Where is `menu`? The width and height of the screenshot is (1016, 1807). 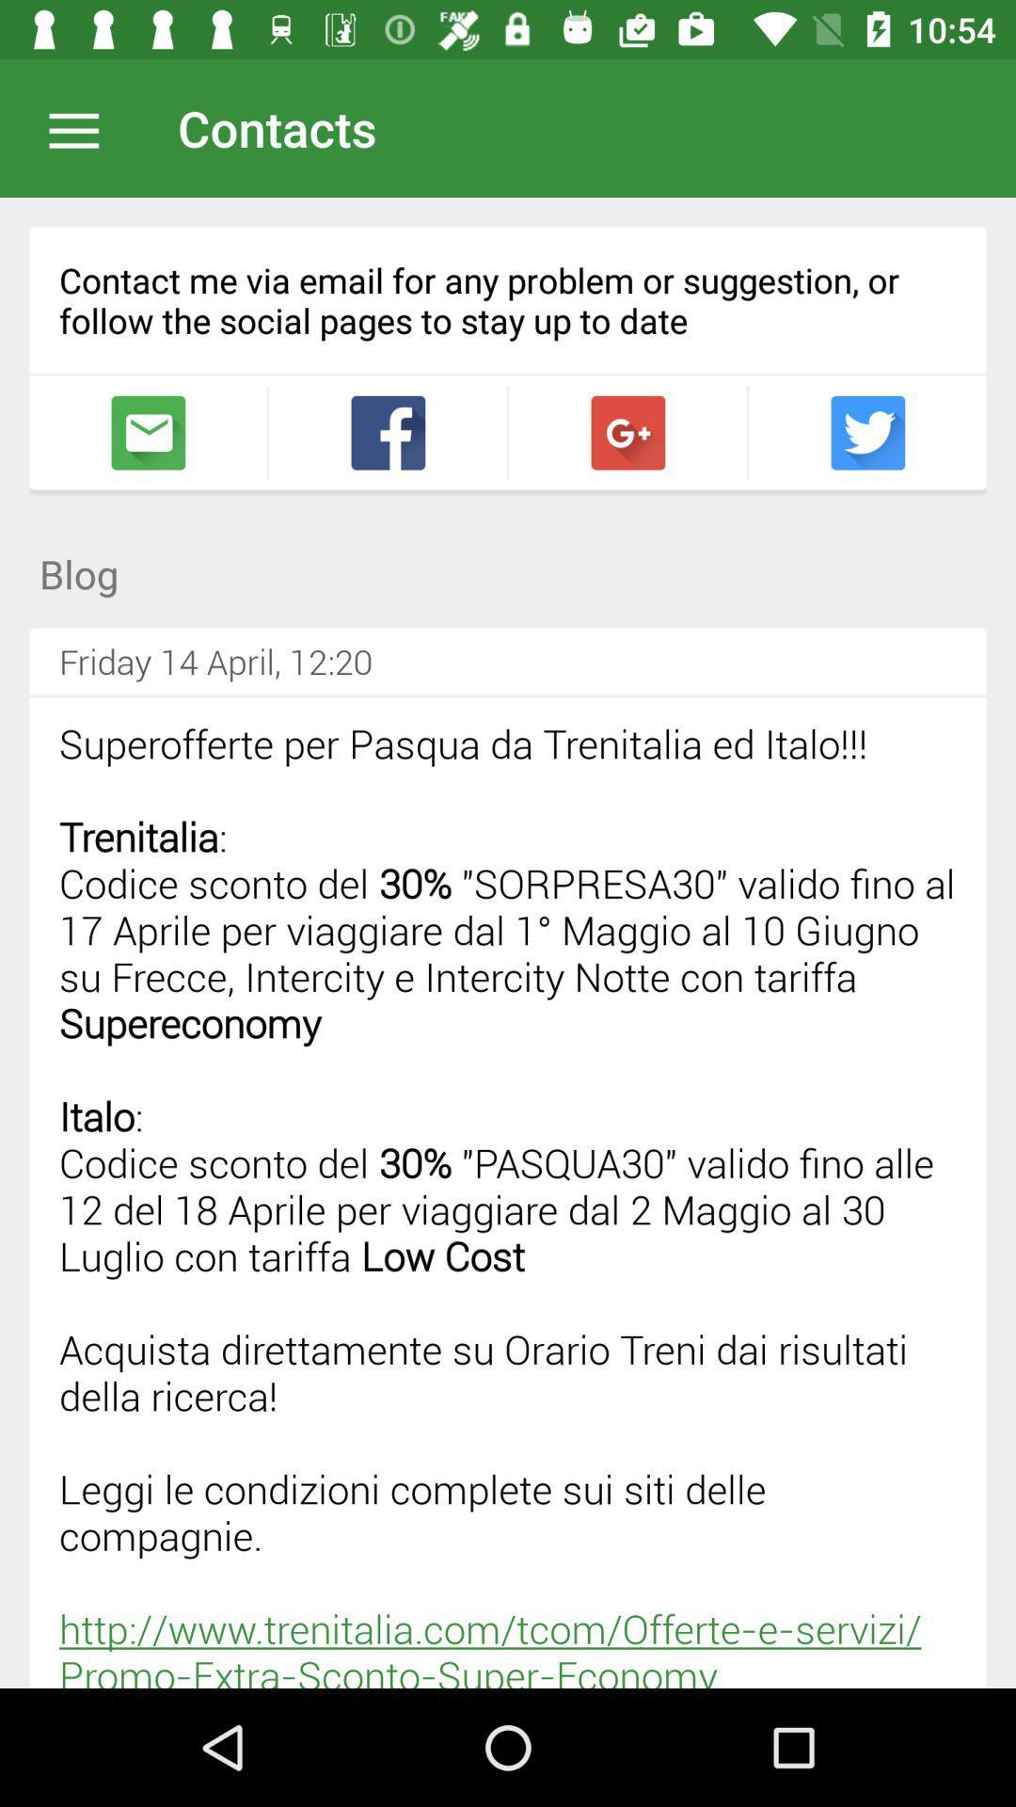
menu is located at coordinates (83, 127).